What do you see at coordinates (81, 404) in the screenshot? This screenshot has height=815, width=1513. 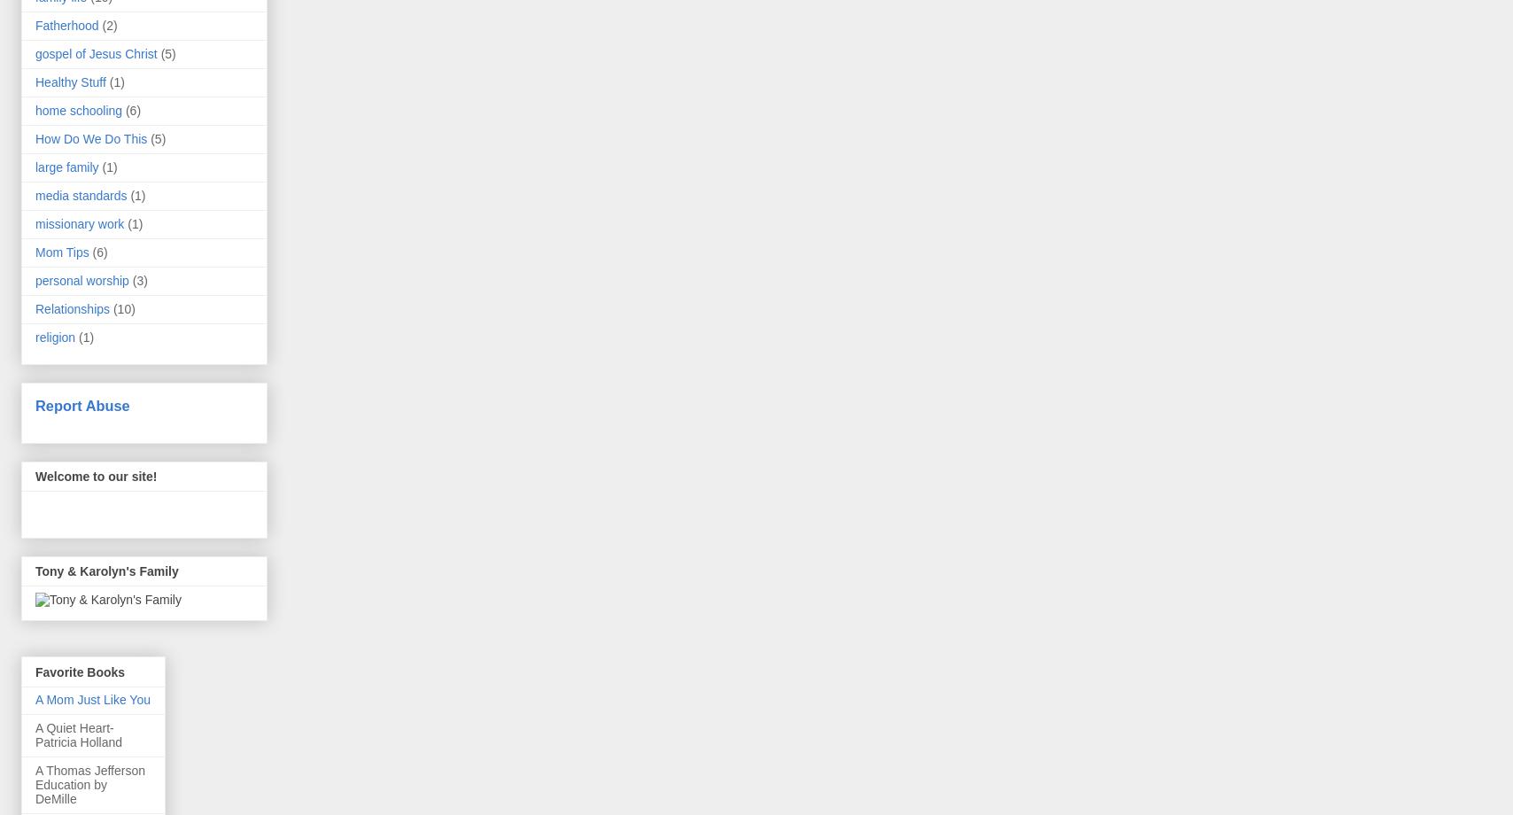 I see `'Report Abuse'` at bounding box center [81, 404].